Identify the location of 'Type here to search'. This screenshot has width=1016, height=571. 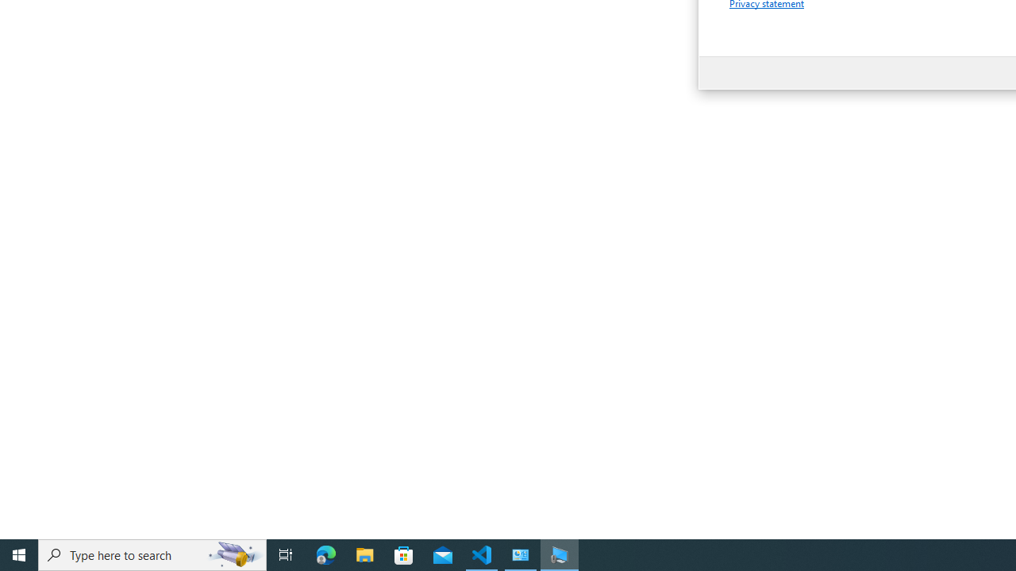
(152, 554).